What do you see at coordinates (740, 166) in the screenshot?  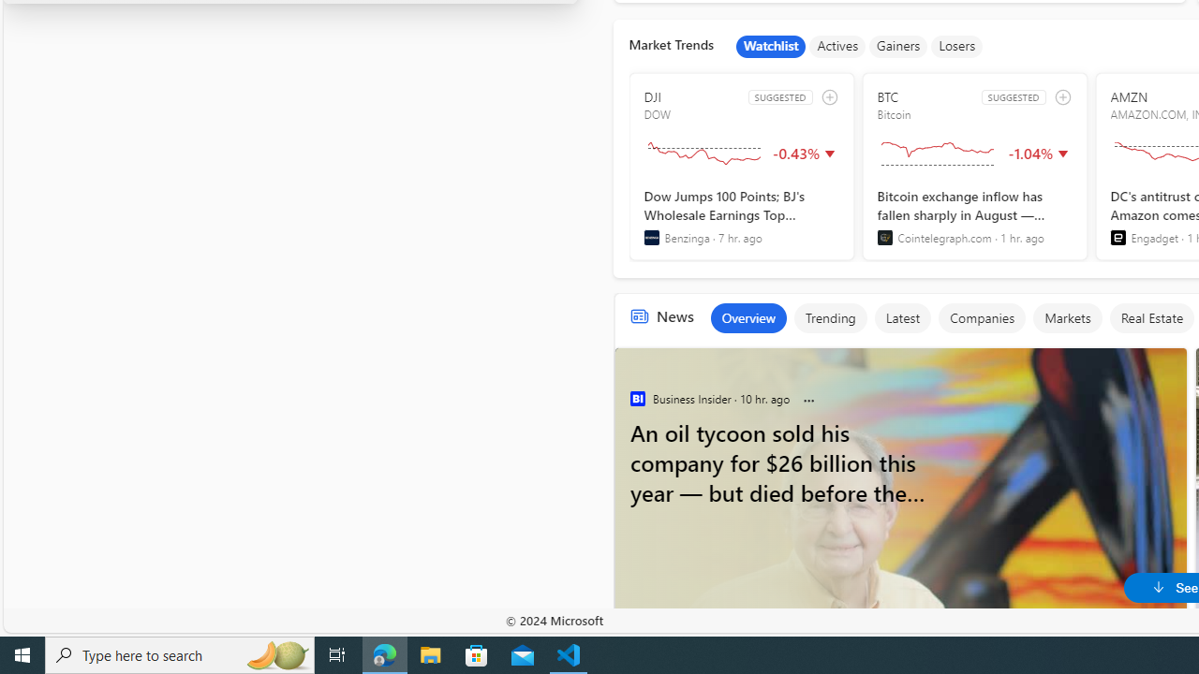 I see `'DJI SUGGESTED DOW'` at bounding box center [740, 166].